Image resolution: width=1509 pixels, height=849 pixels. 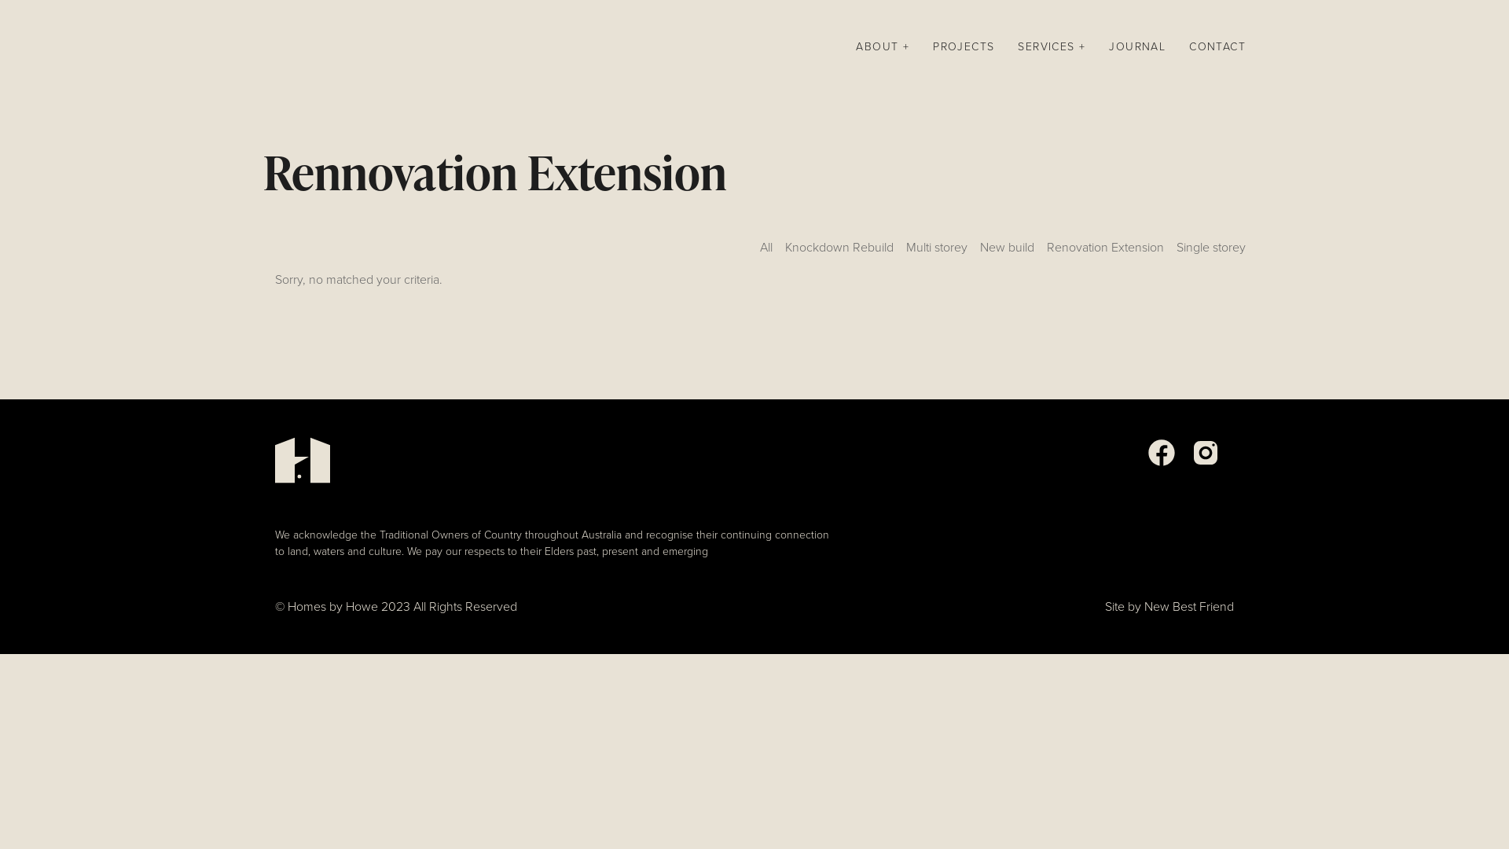 I want to click on 'Homes by Howe on Instagram', so click(x=1205, y=462).